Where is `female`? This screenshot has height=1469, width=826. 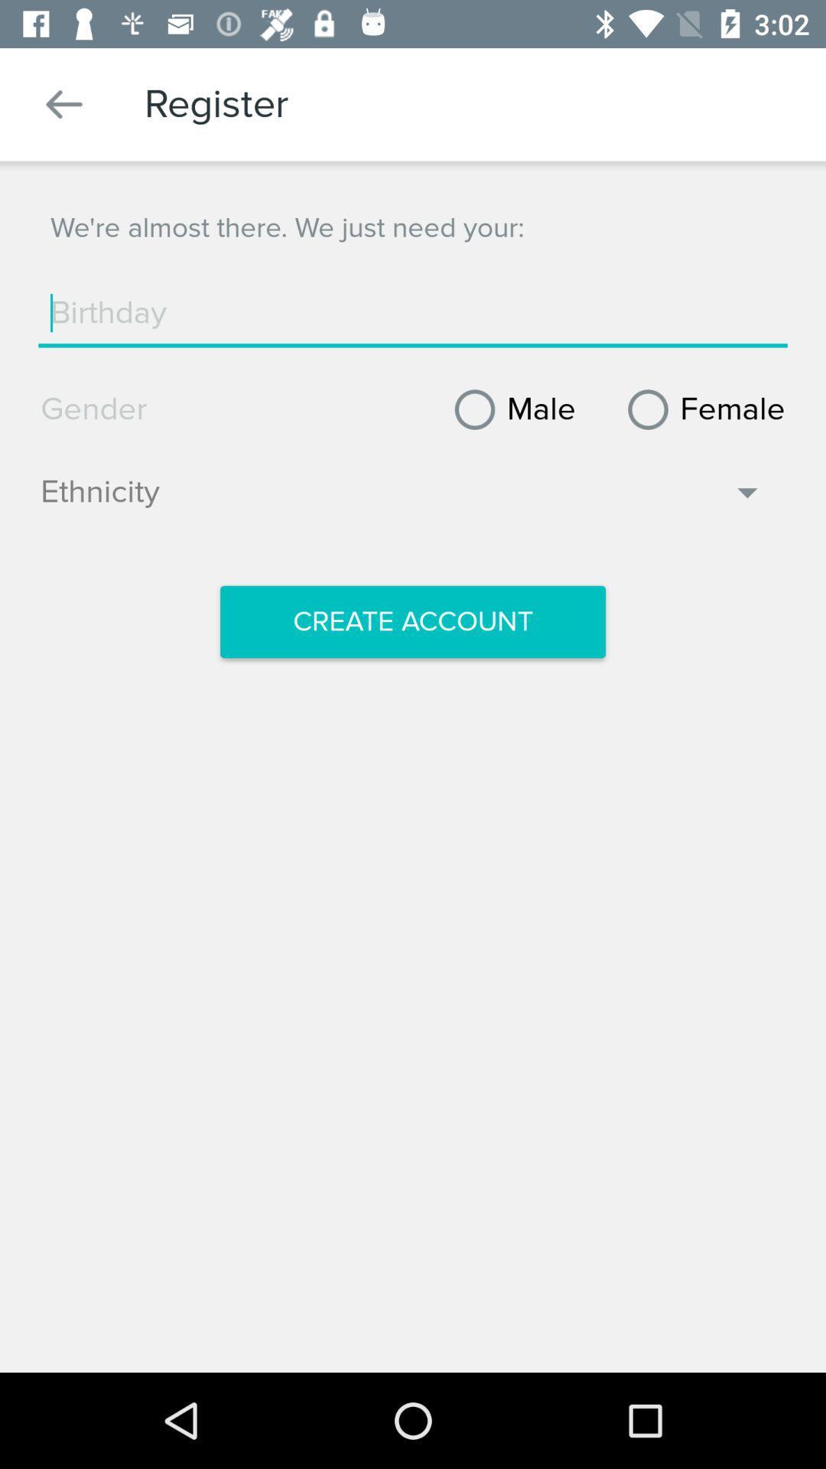 female is located at coordinates (701, 409).